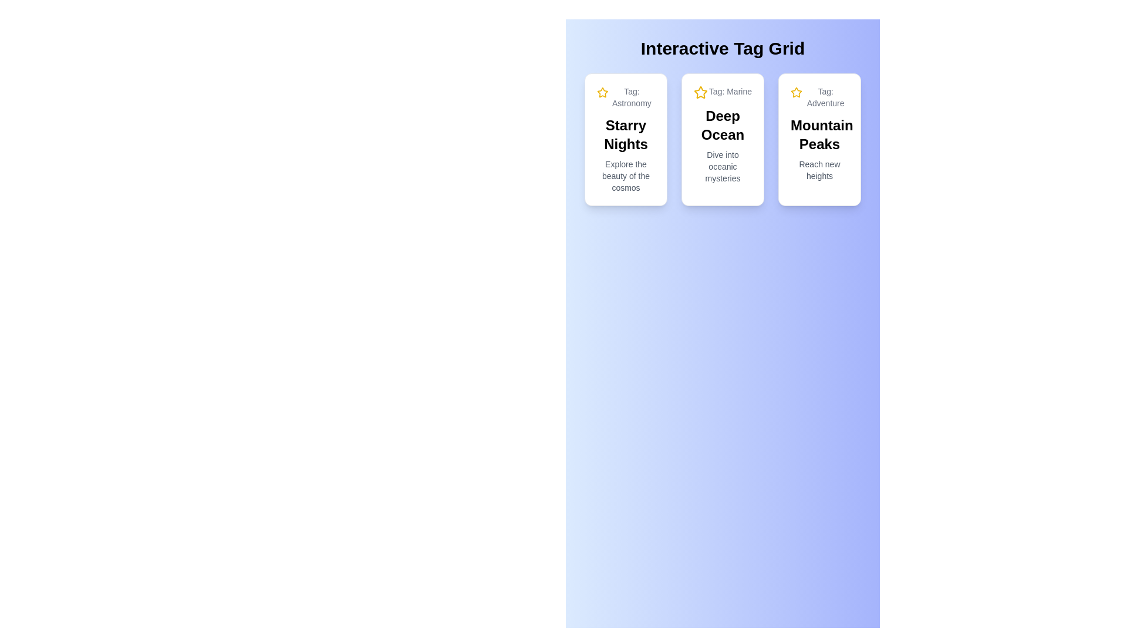  I want to click on the star icon that indicates the 'Adventure' tag, located on the left side of the text 'Tag: Adventure' in the top portion of the rightmost card in a horizontally arranged grid of three cards, so click(797, 92).